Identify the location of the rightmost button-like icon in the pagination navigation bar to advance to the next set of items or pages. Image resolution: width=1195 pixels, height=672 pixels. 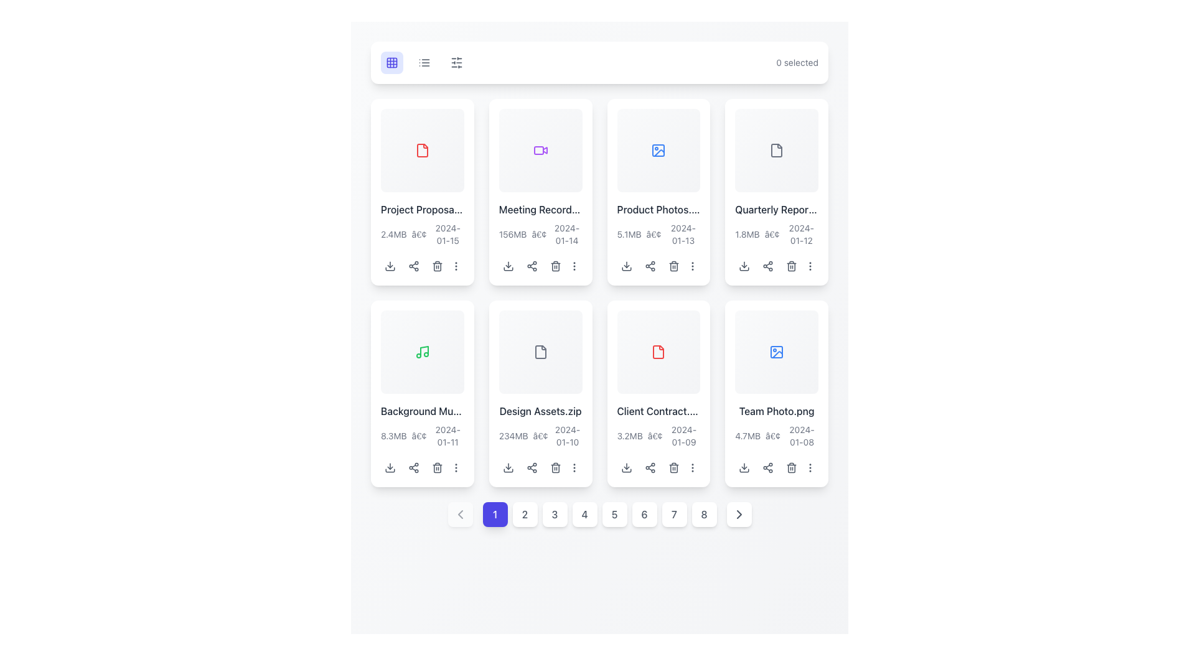
(739, 514).